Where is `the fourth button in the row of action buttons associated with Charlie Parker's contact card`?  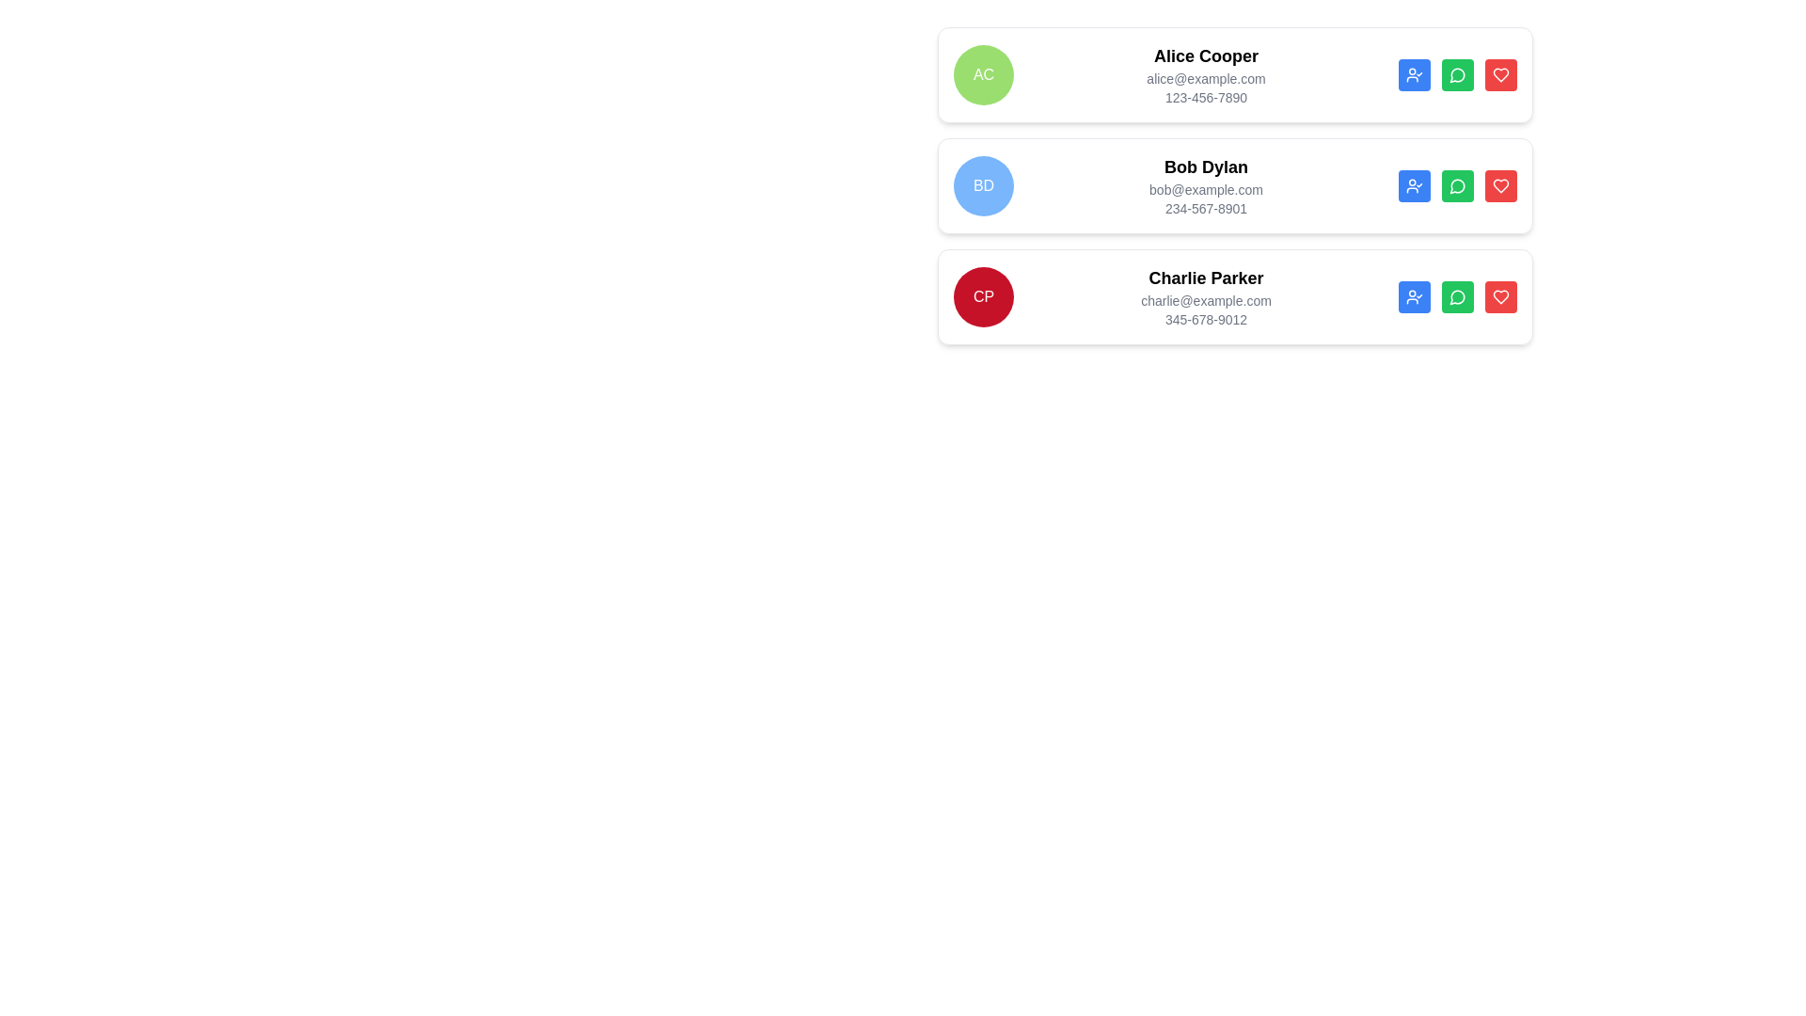
the fourth button in the row of action buttons associated with Charlie Parker's contact card is located at coordinates (1500, 74).